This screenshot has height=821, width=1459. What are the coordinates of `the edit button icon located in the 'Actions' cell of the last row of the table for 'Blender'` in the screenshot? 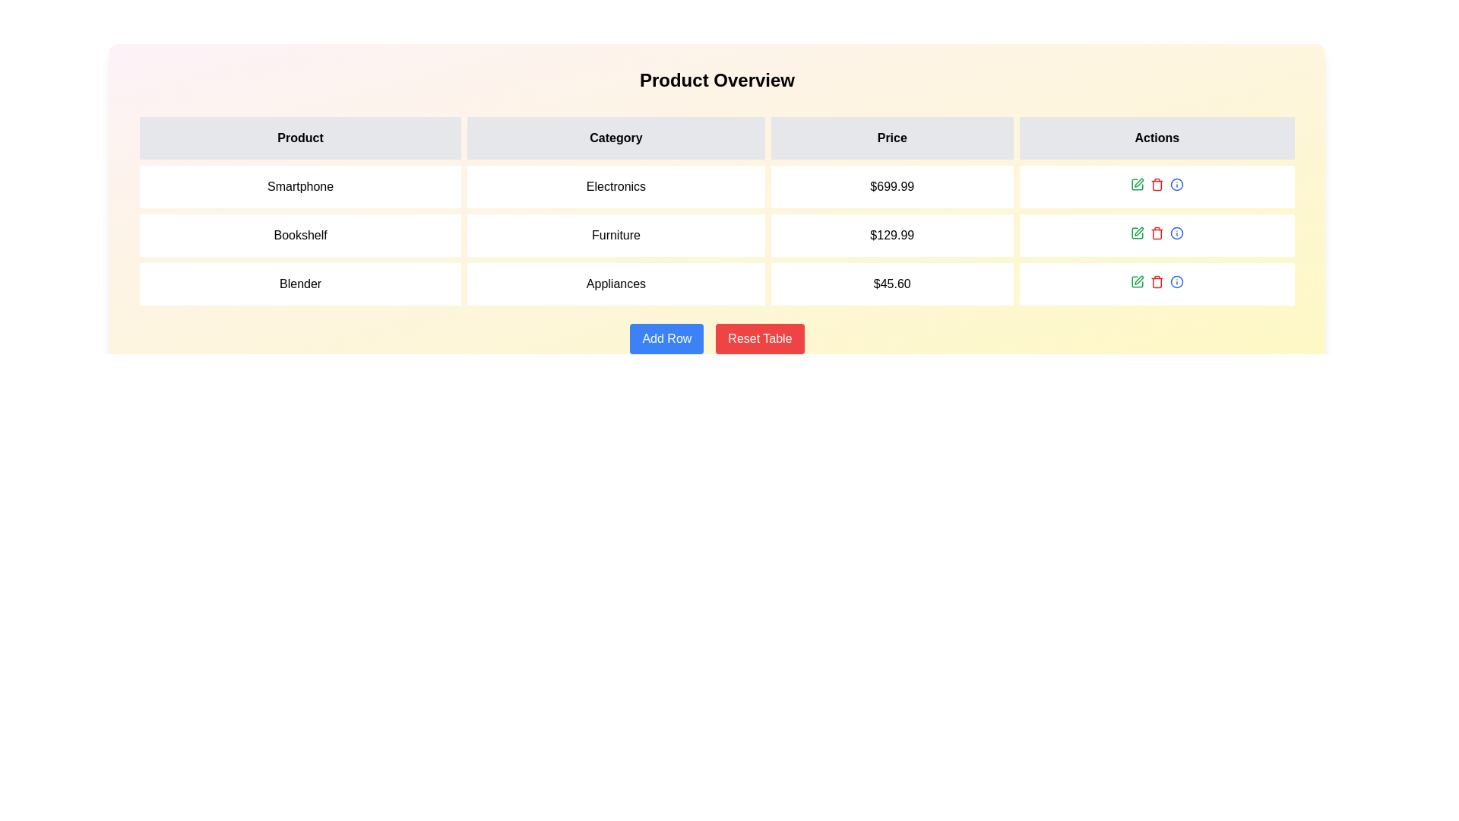 It's located at (1137, 281).